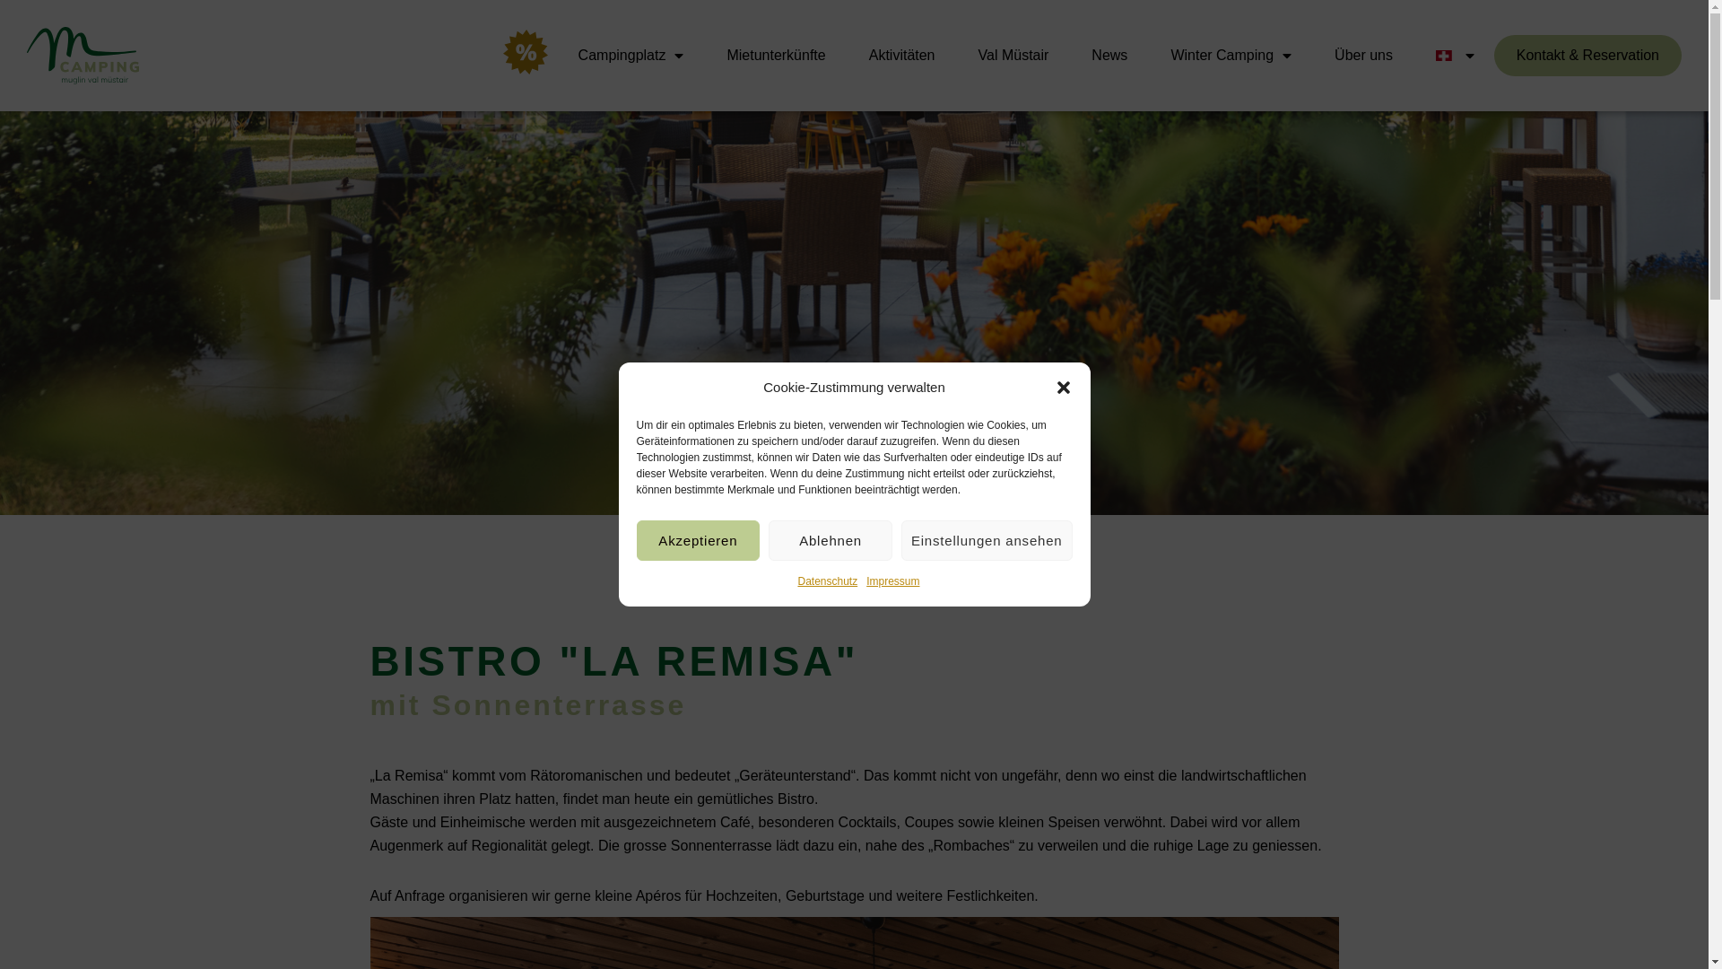 This screenshot has width=1722, height=969. Describe the element at coordinates (769, 539) in the screenshot. I see `'Ablehnen'` at that location.